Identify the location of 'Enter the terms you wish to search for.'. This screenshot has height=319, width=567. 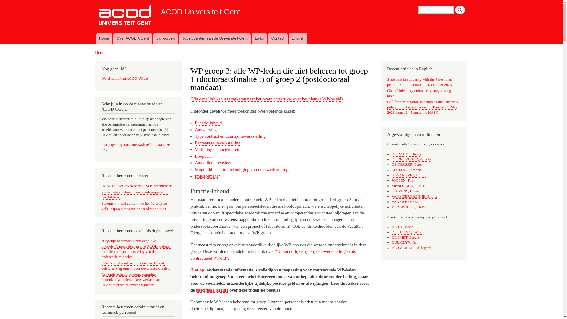
(418, 10).